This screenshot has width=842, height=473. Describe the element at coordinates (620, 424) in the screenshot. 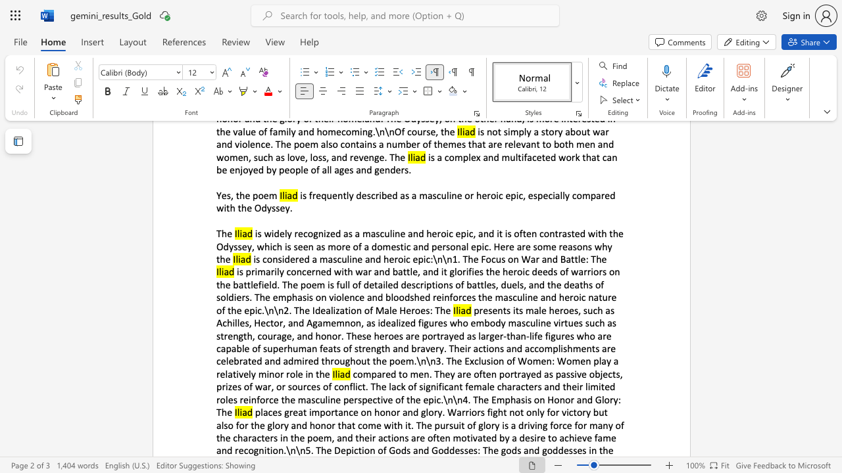

I see `the subset text "f the characters in the poem, and their action" within the text "places great importance on honor and glory. Warriors fight not only for victory but also for the glory and honor that come with it. The pursuit of glory is a driving force for many of the characters in the poem, and their actions are often motivated by a desire to achieve fame and recognition.\n\n5. The Depiction of Gods and Goddesses: The gods and goddesses in the"` at that location.